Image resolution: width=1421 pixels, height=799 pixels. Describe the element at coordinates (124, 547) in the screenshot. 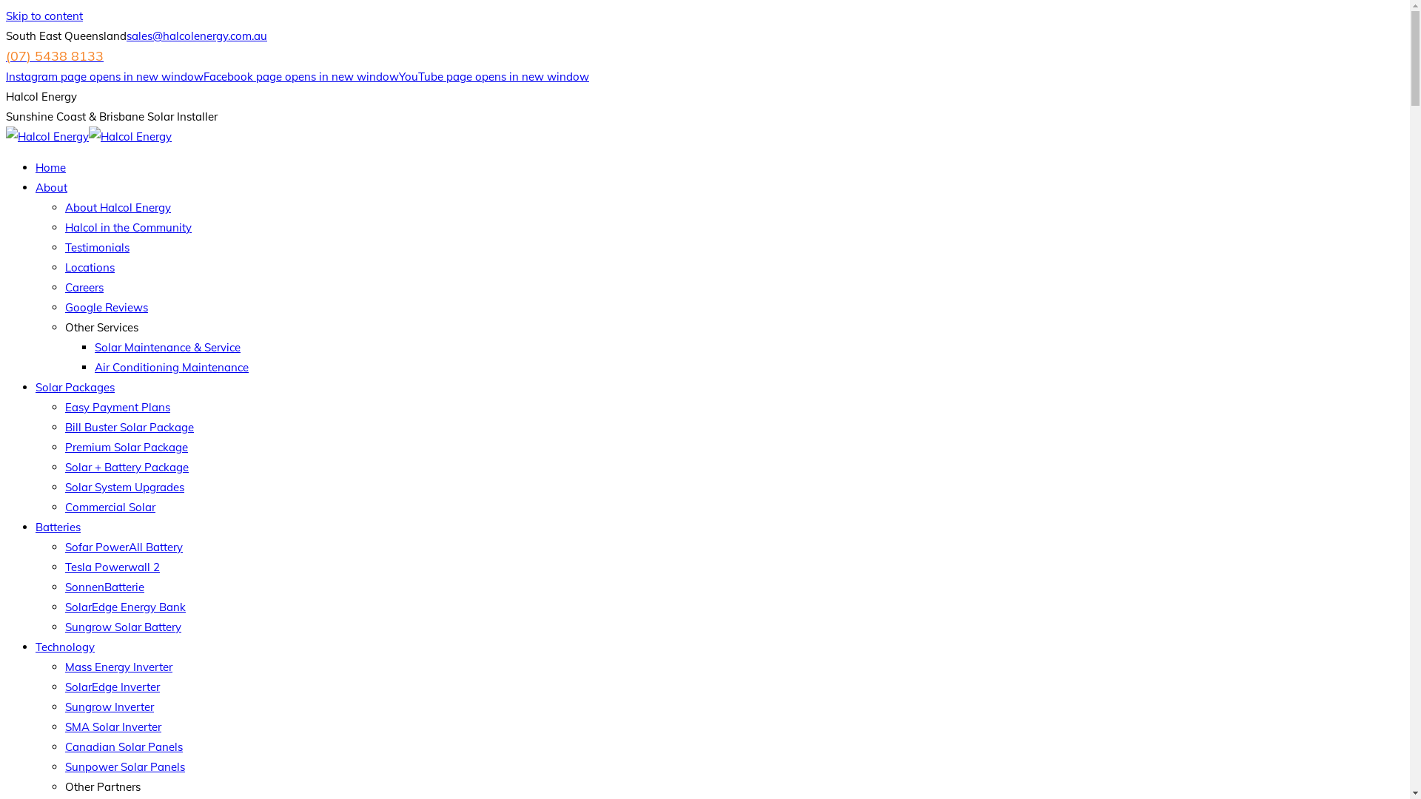

I see `'Sofar PowerAll Battery'` at that location.